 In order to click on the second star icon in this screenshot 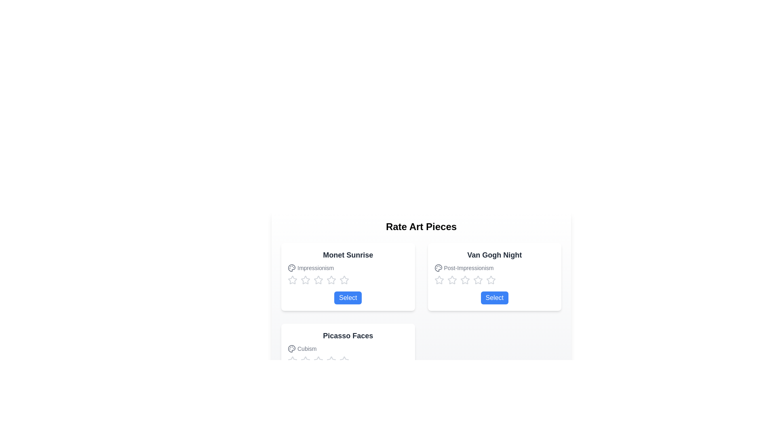, I will do `click(331, 279)`.